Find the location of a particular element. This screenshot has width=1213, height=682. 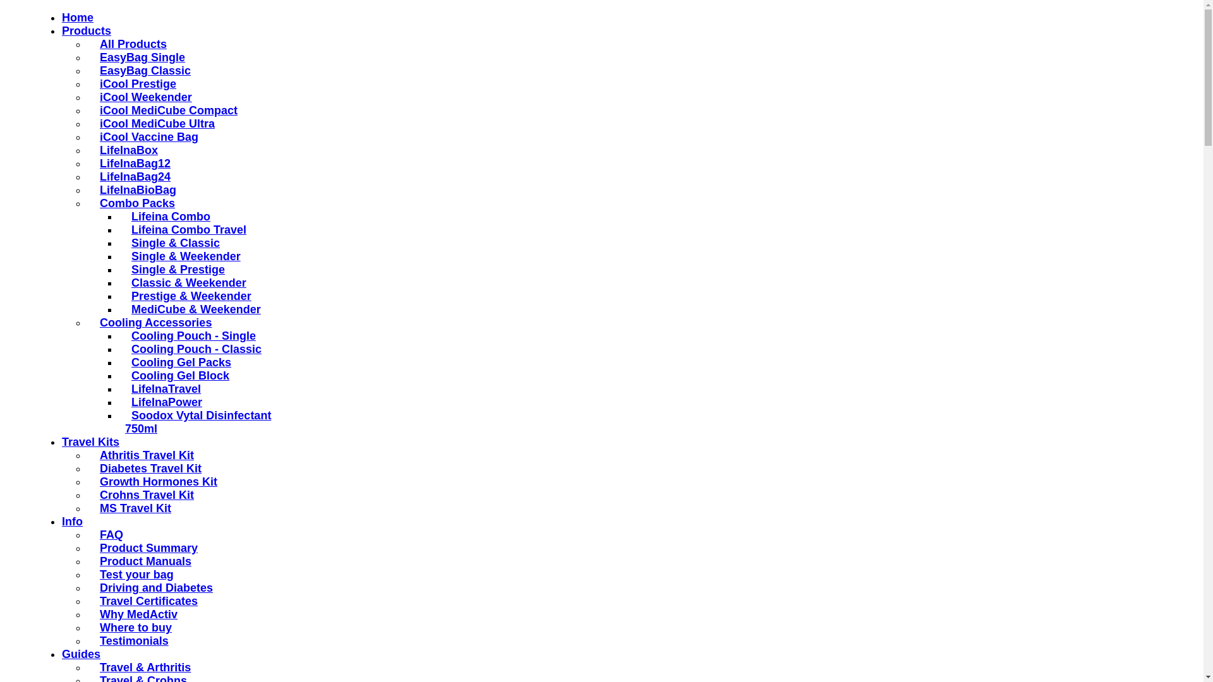

'Product Summary' is located at coordinates (93, 547).